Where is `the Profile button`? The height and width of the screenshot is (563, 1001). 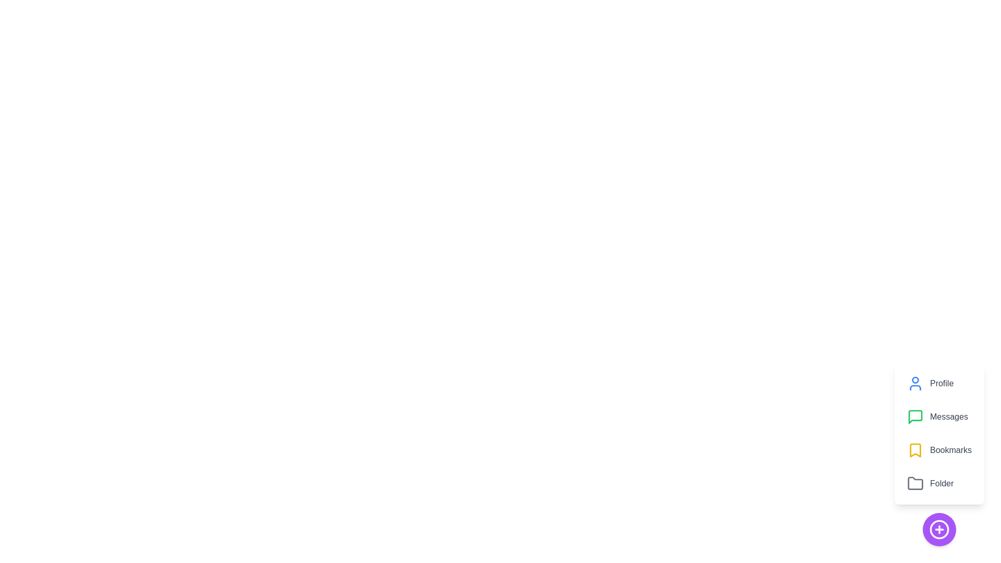
the Profile button is located at coordinates (939, 384).